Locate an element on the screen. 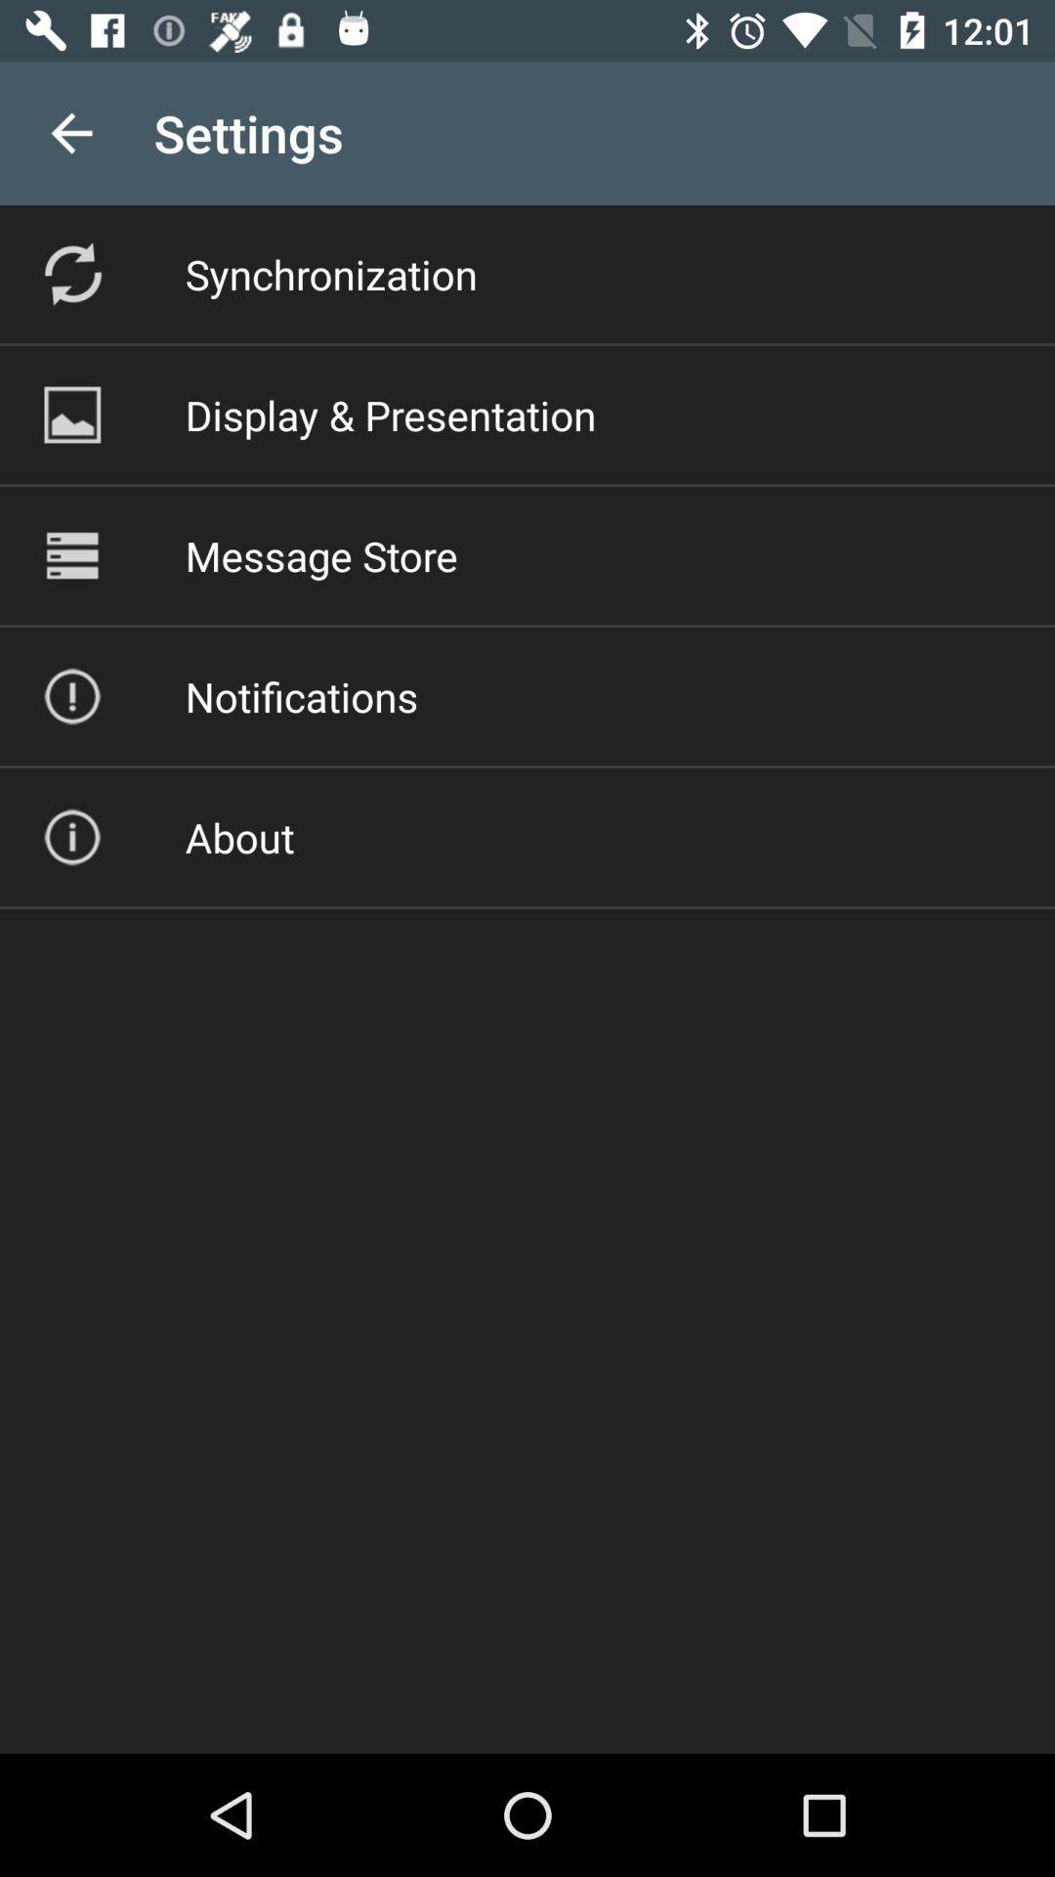  app below the settings item is located at coordinates (330, 273).